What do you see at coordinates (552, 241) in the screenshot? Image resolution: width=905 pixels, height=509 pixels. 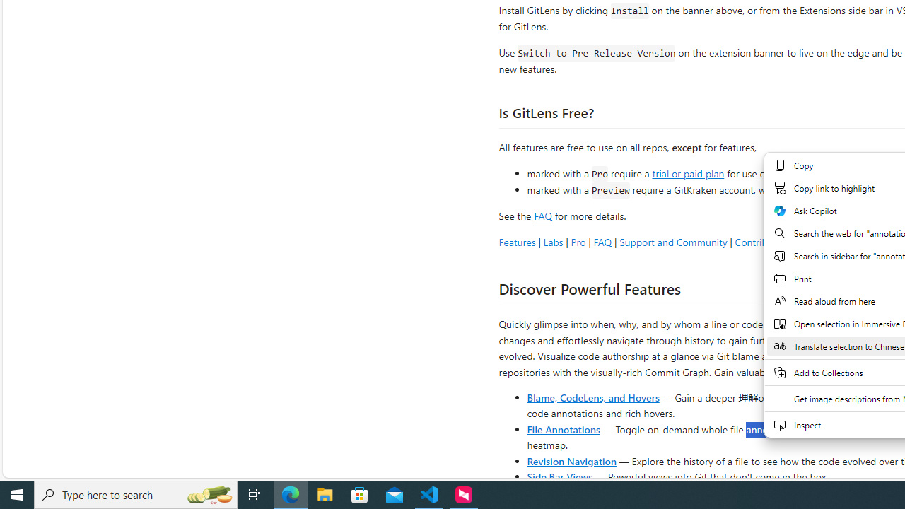 I see `'Labs'` at bounding box center [552, 241].